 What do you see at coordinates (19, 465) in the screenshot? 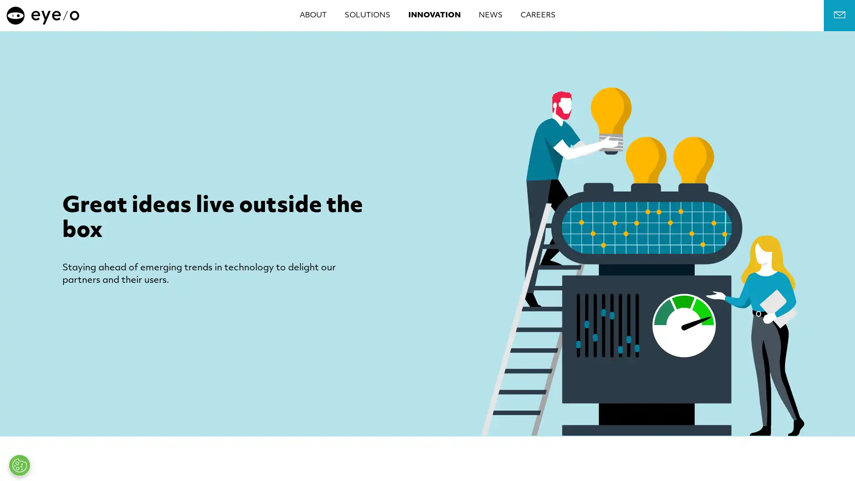
I see `Open Preferences` at bounding box center [19, 465].